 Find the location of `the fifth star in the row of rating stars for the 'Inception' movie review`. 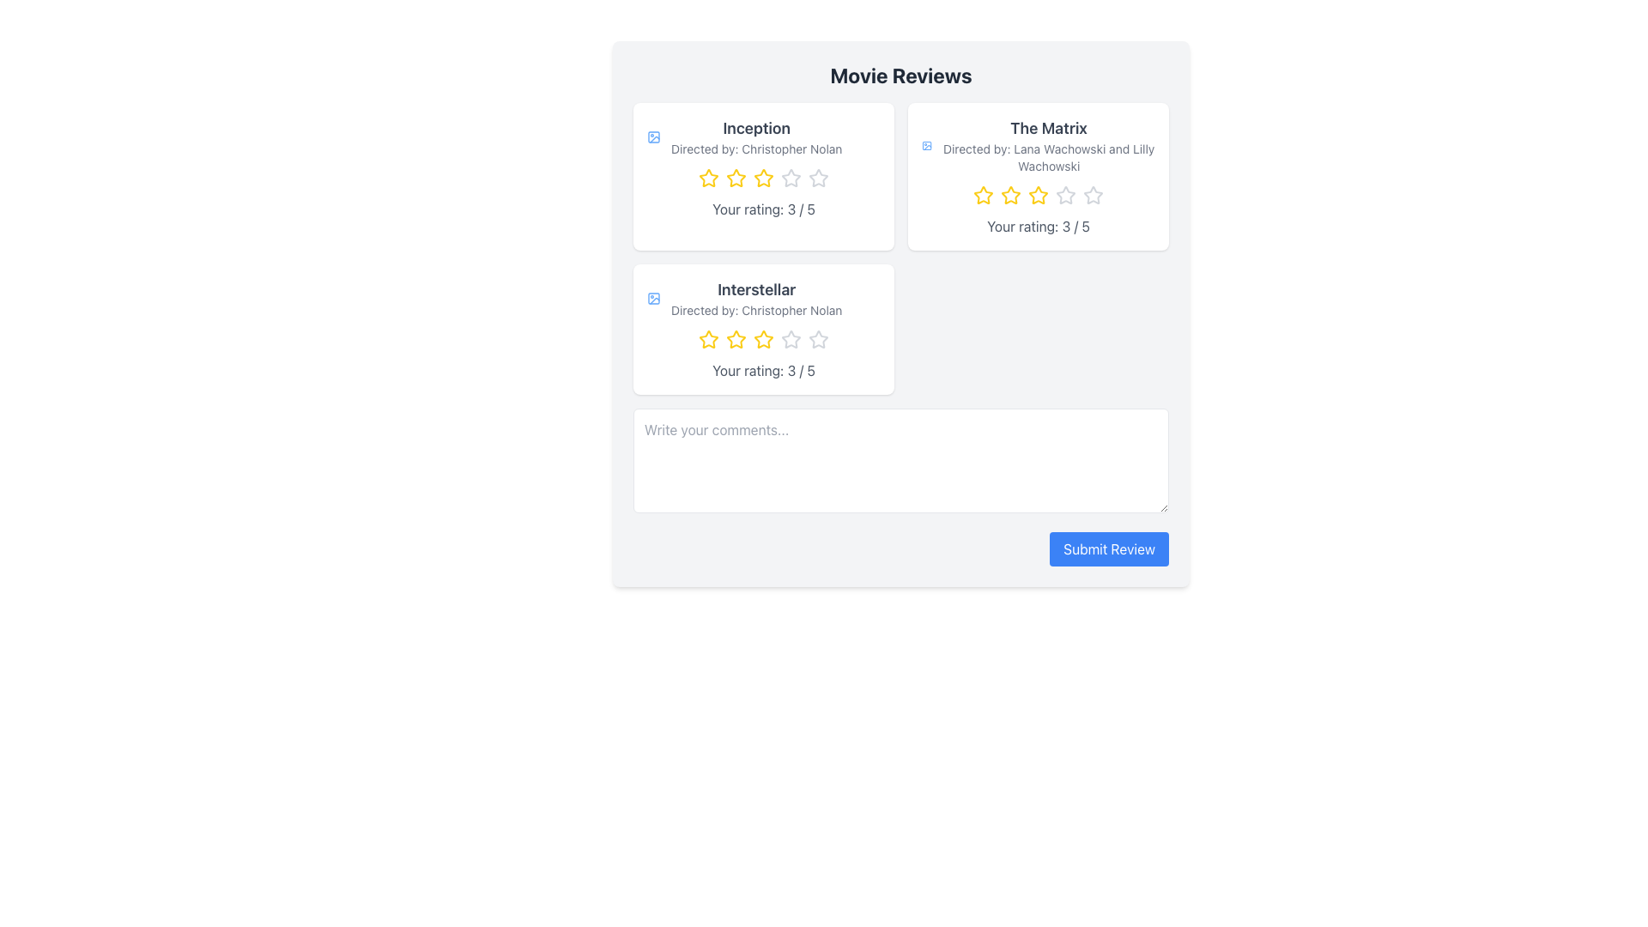

the fifth star in the row of rating stars for the 'Inception' movie review is located at coordinates (818, 179).